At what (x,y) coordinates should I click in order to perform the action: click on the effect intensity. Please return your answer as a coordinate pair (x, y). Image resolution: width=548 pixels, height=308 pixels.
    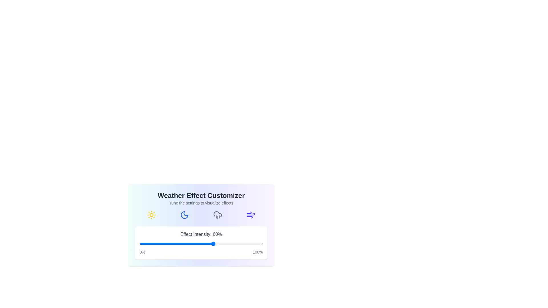
    Looking at the image, I should click on (185, 244).